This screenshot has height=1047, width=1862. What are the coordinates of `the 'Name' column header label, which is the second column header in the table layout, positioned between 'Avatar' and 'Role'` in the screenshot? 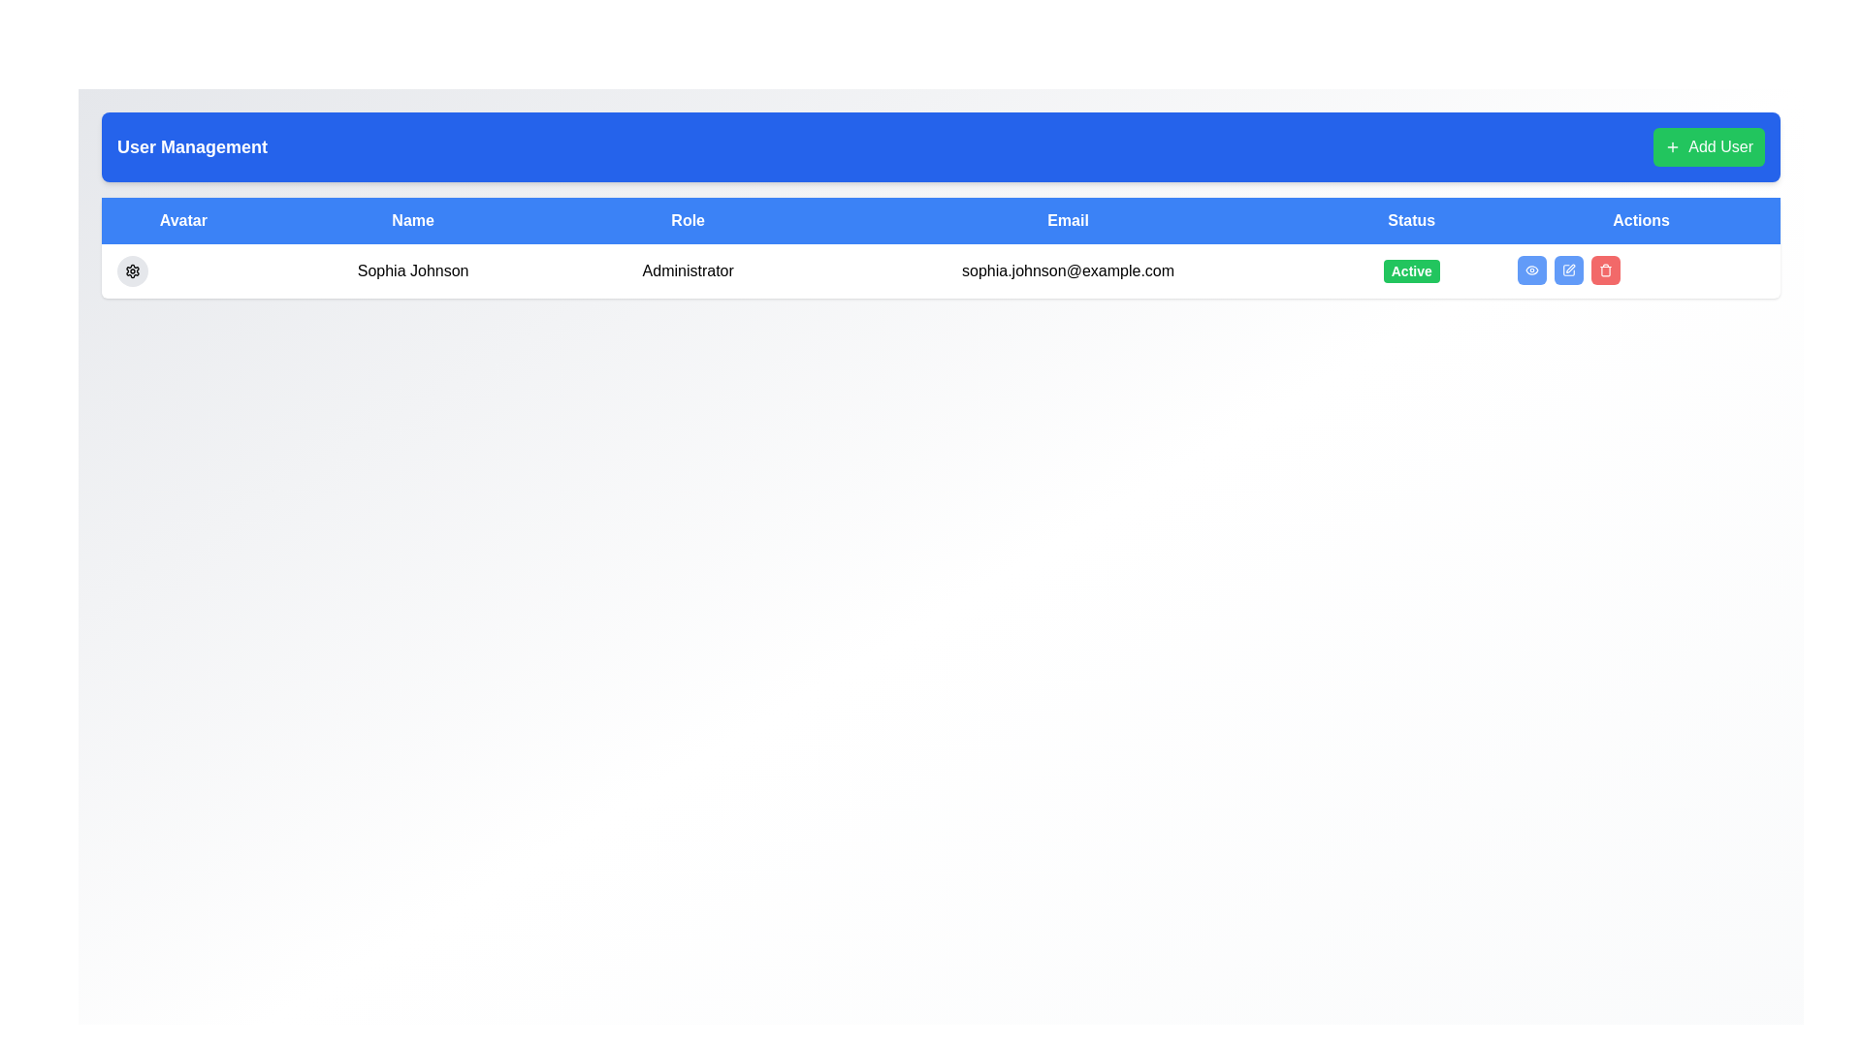 It's located at (412, 219).